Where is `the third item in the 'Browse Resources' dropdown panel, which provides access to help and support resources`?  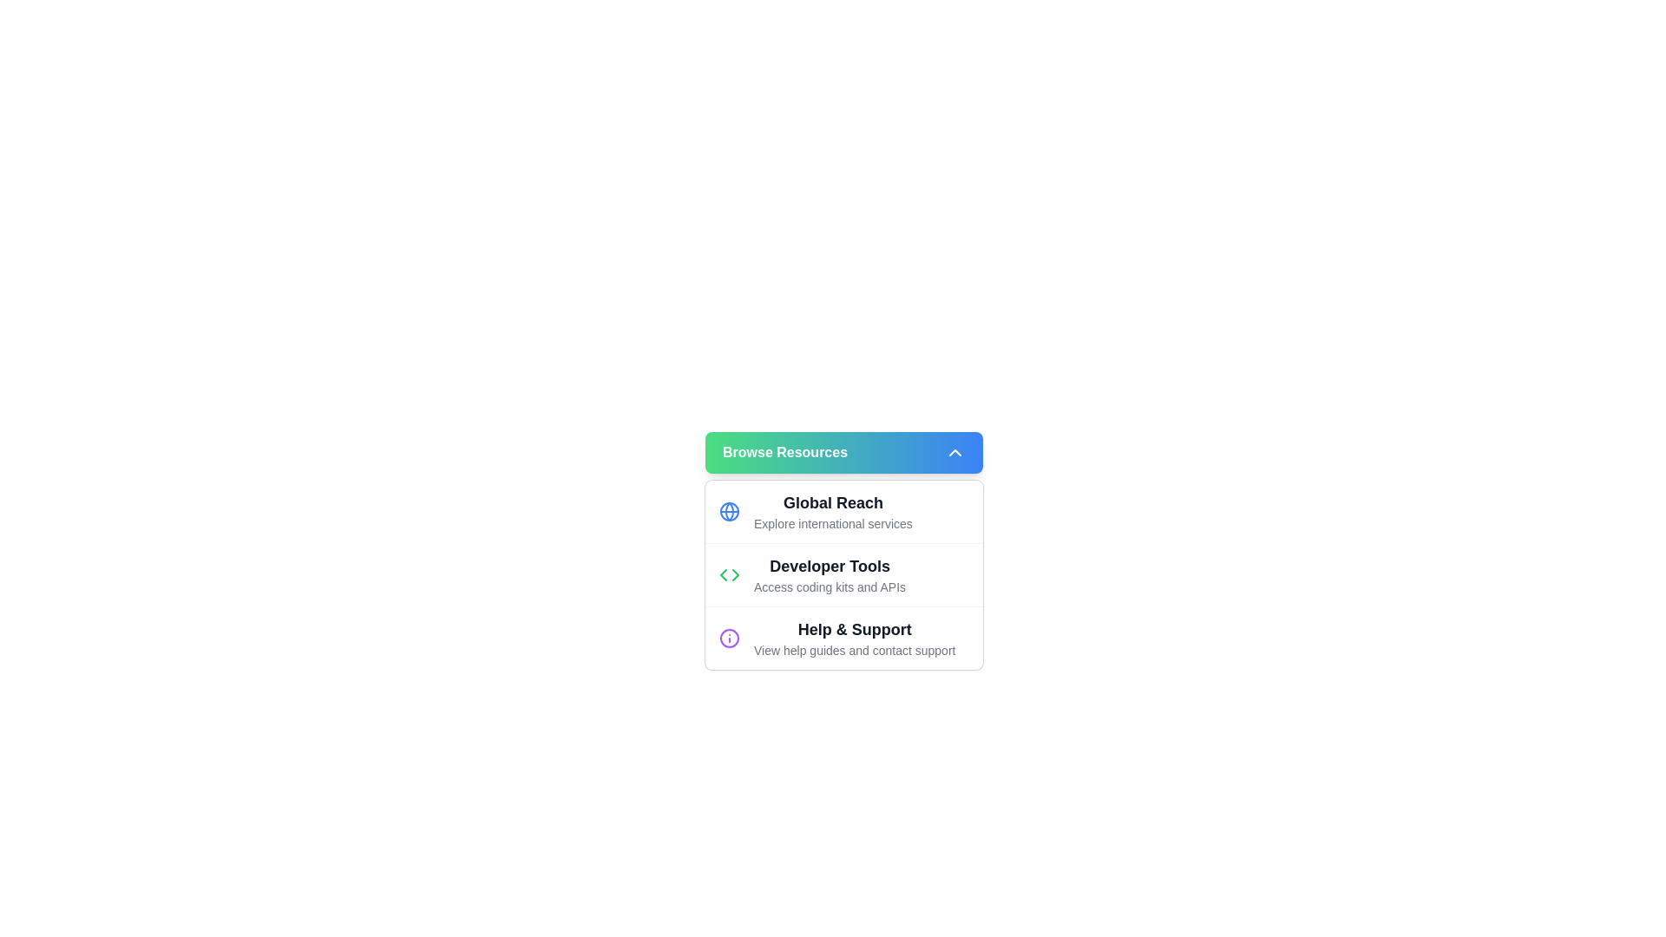 the third item in the 'Browse Resources' dropdown panel, which provides access to help and support resources is located at coordinates (855, 639).